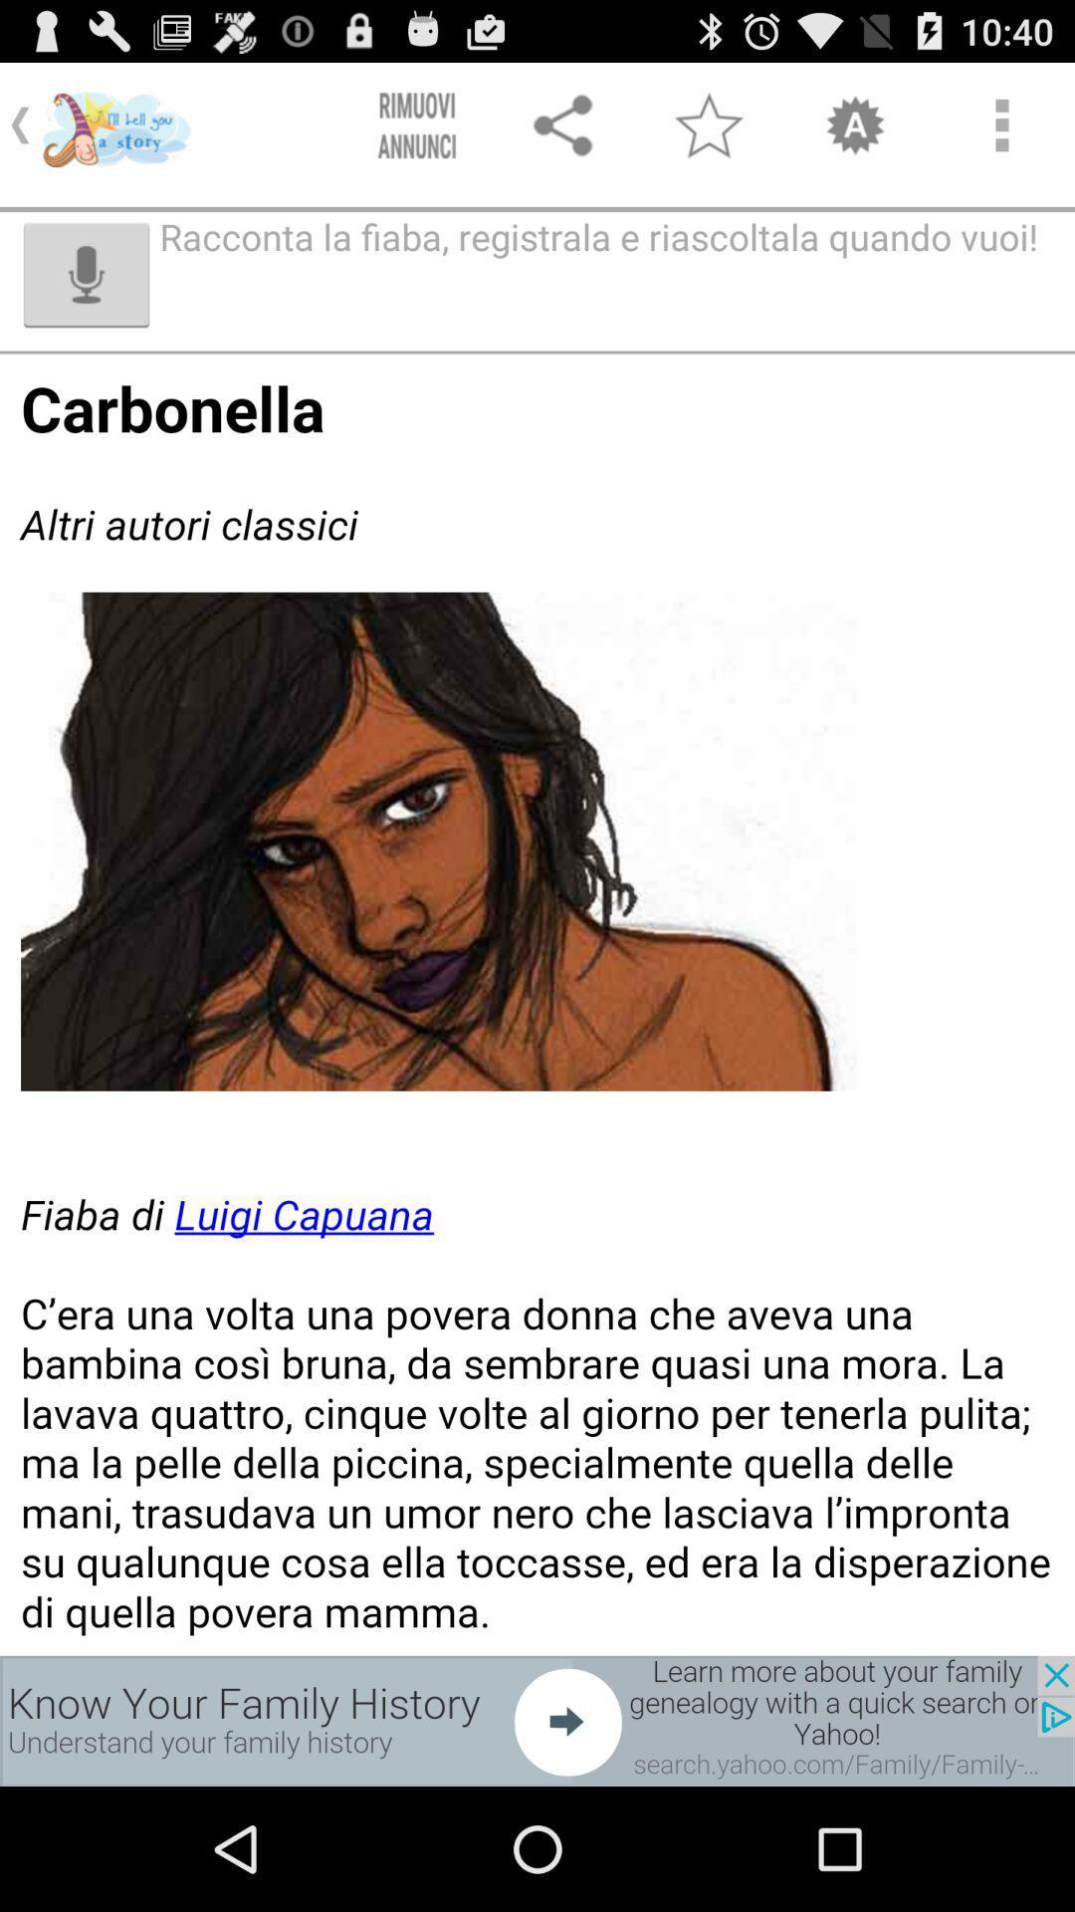 This screenshot has height=1912, width=1075. I want to click on the microphone icon, so click(86, 293).